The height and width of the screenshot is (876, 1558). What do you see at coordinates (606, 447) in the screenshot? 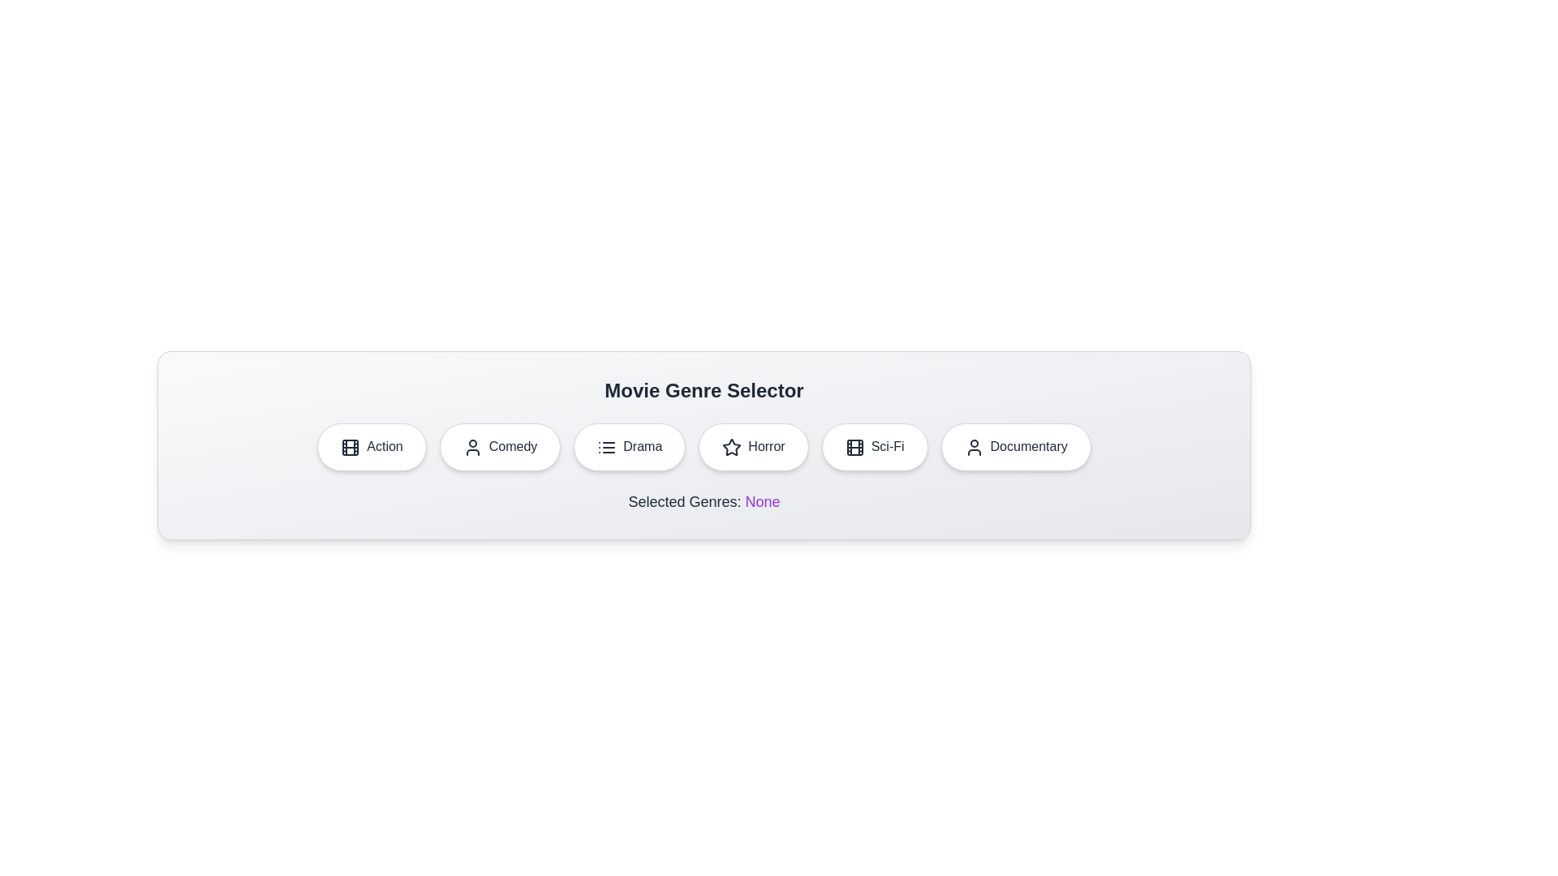
I see `the small list icon represented by three horizontal lines, located within the circular 'Drama' button, which is third from the left in a horizontal layout of six genre buttons` at bounding box center [606, 447].